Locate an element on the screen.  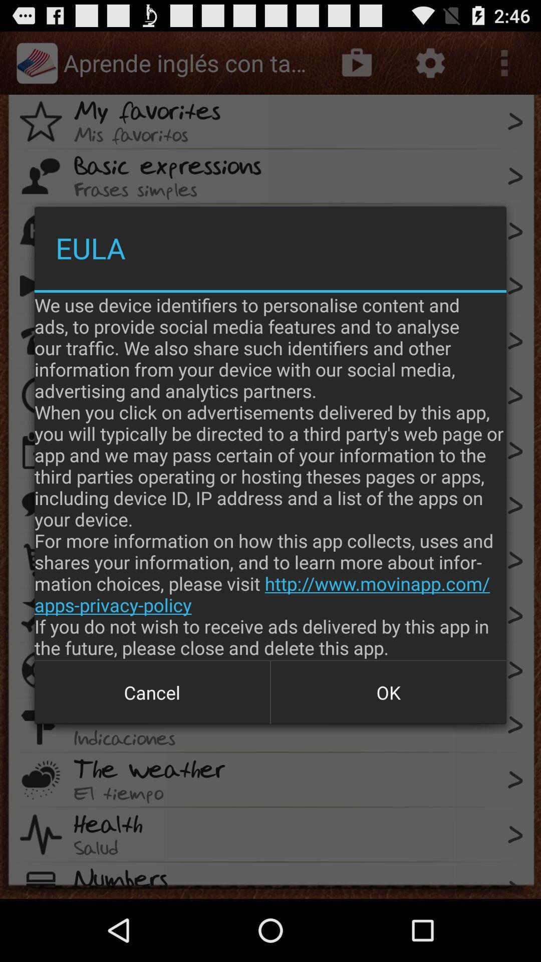
button to the left of the ok item is located at coordinates (152, 692).